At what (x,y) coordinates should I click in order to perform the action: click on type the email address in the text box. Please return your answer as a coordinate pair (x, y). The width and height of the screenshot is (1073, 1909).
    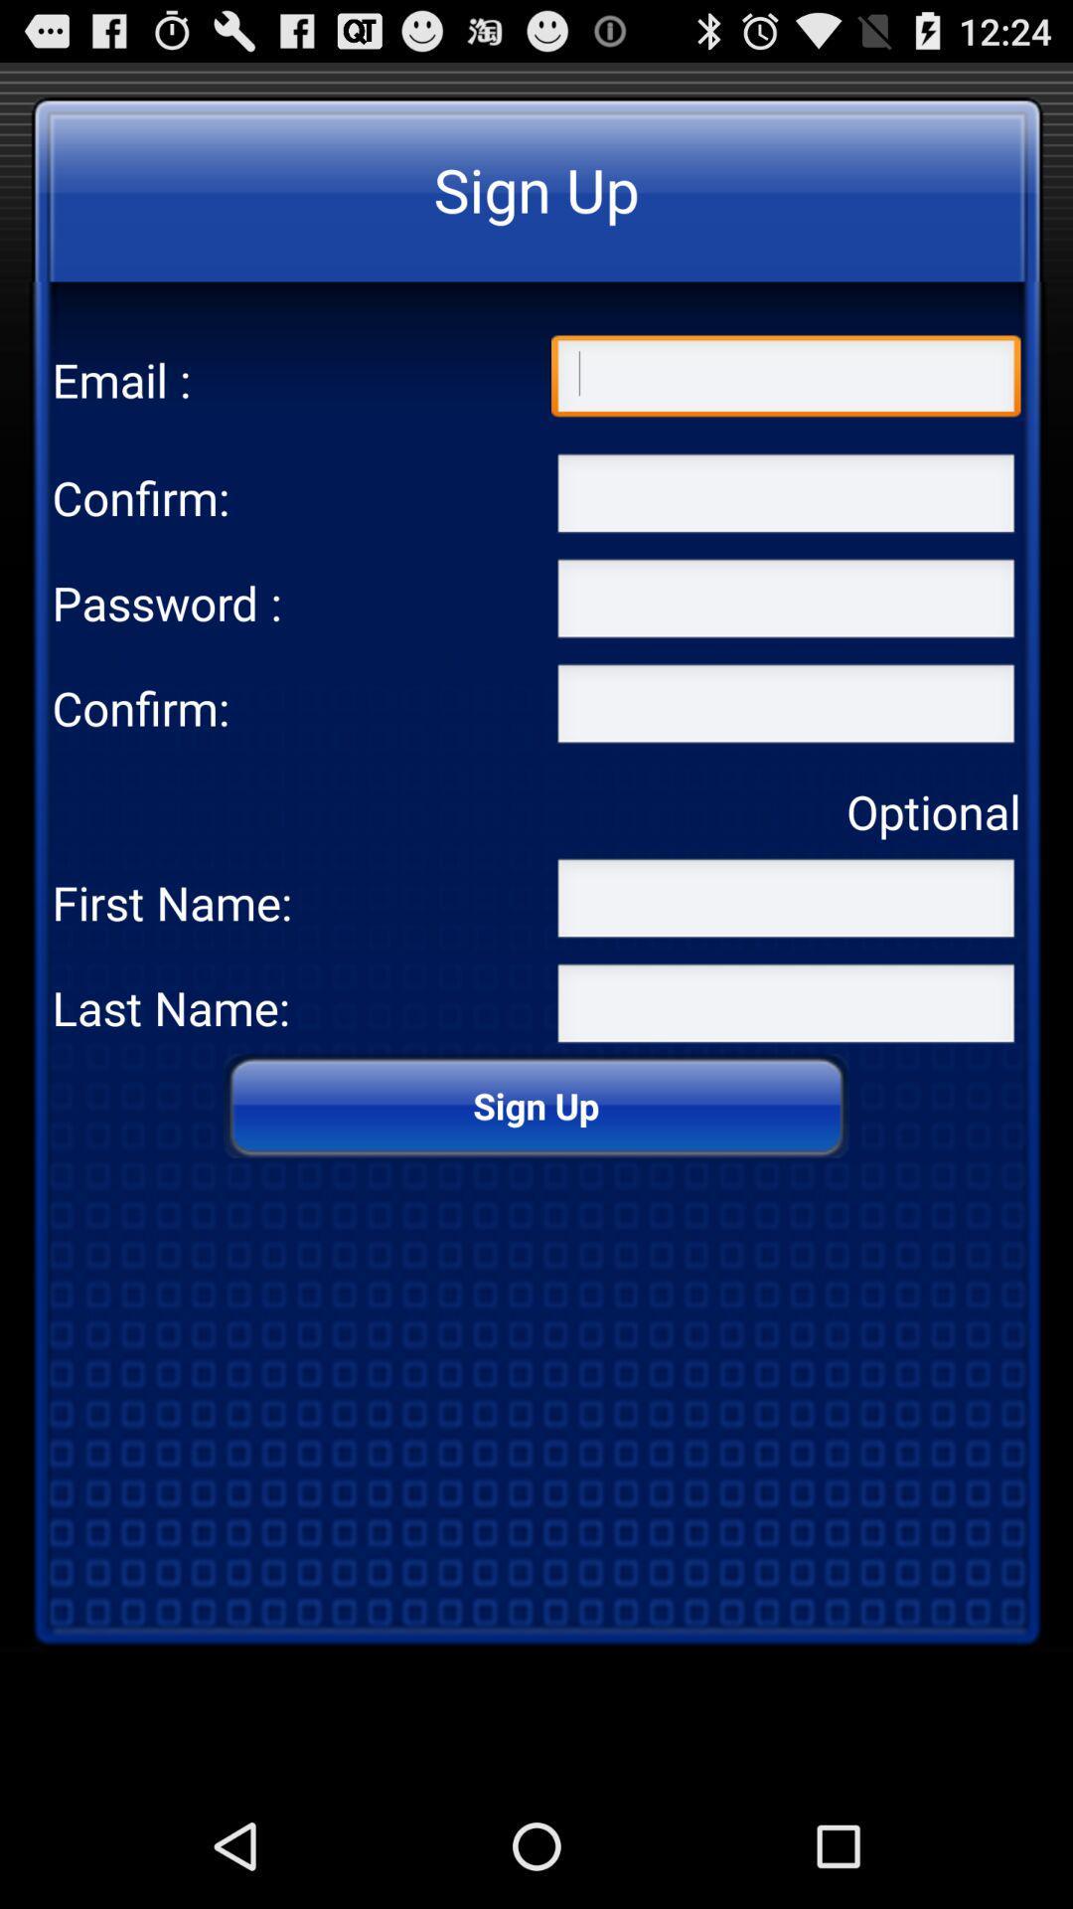
    Looking at the image, I should click on (785, 380).